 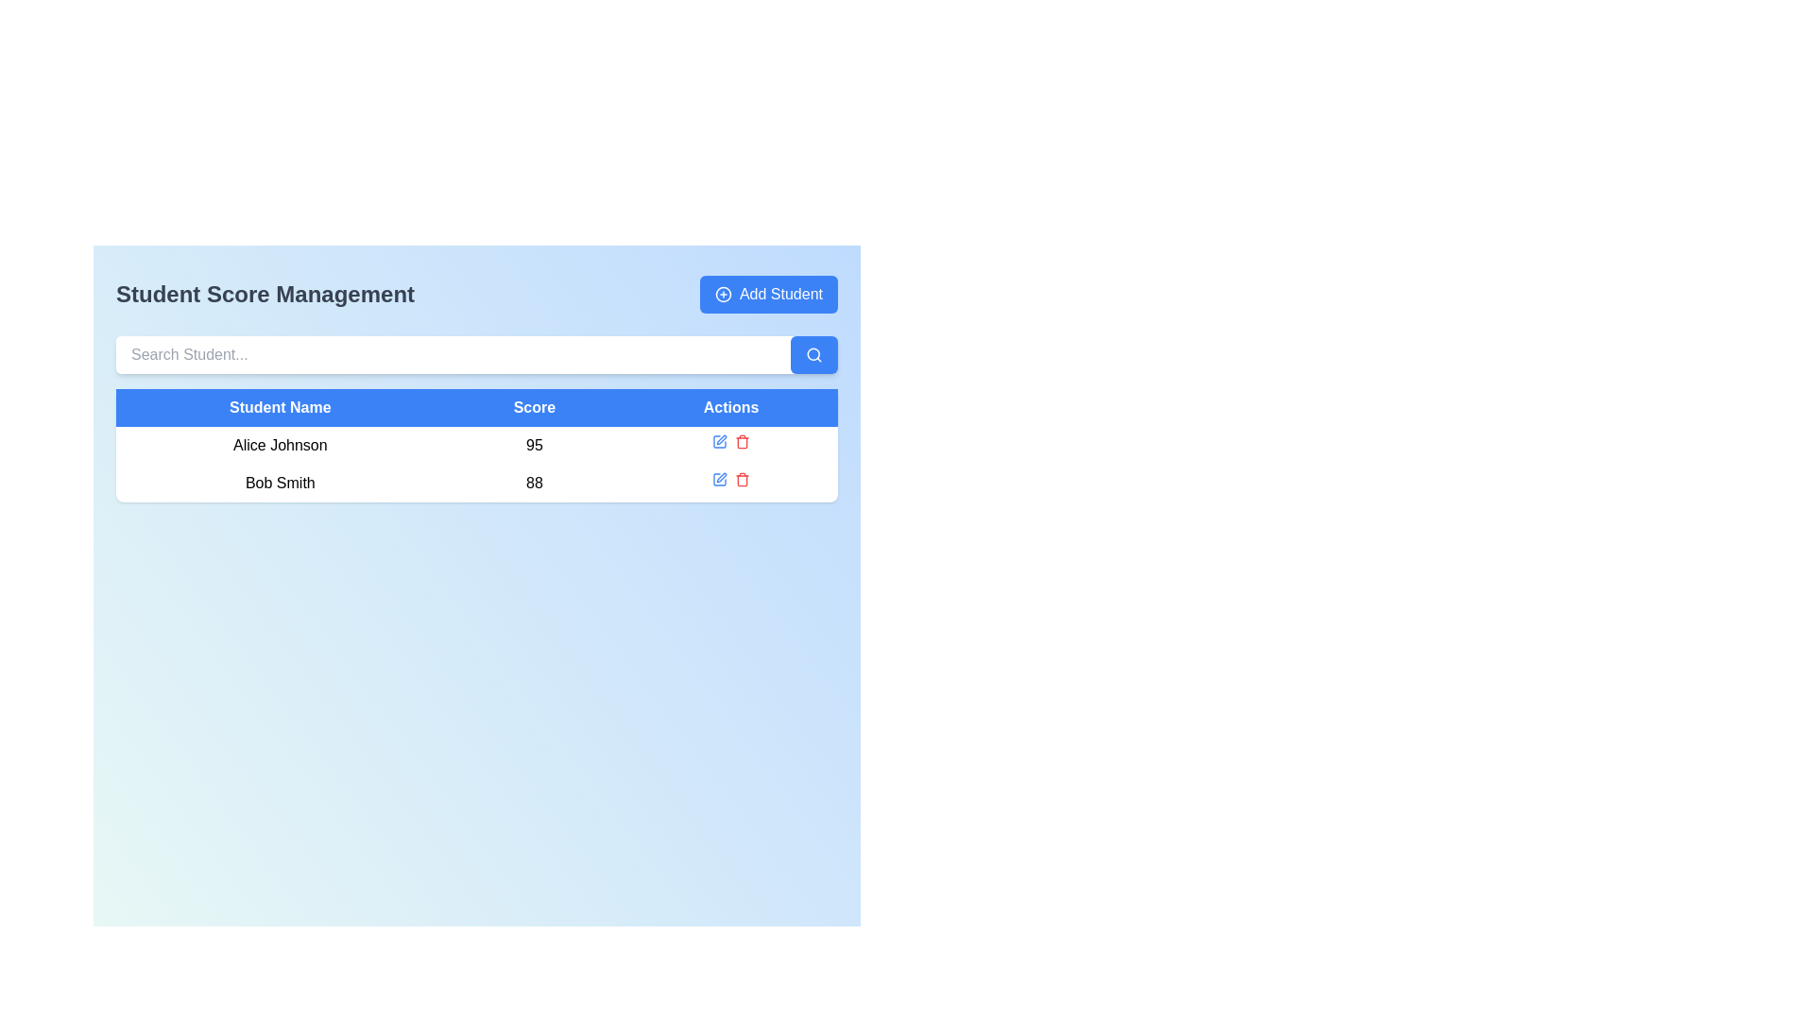 I want to click on the text label displaying the numerical value '88' in bold within the 'Score' column of the table, which is associated with the name 'Bob Smith.', so click(x=533, y=483).